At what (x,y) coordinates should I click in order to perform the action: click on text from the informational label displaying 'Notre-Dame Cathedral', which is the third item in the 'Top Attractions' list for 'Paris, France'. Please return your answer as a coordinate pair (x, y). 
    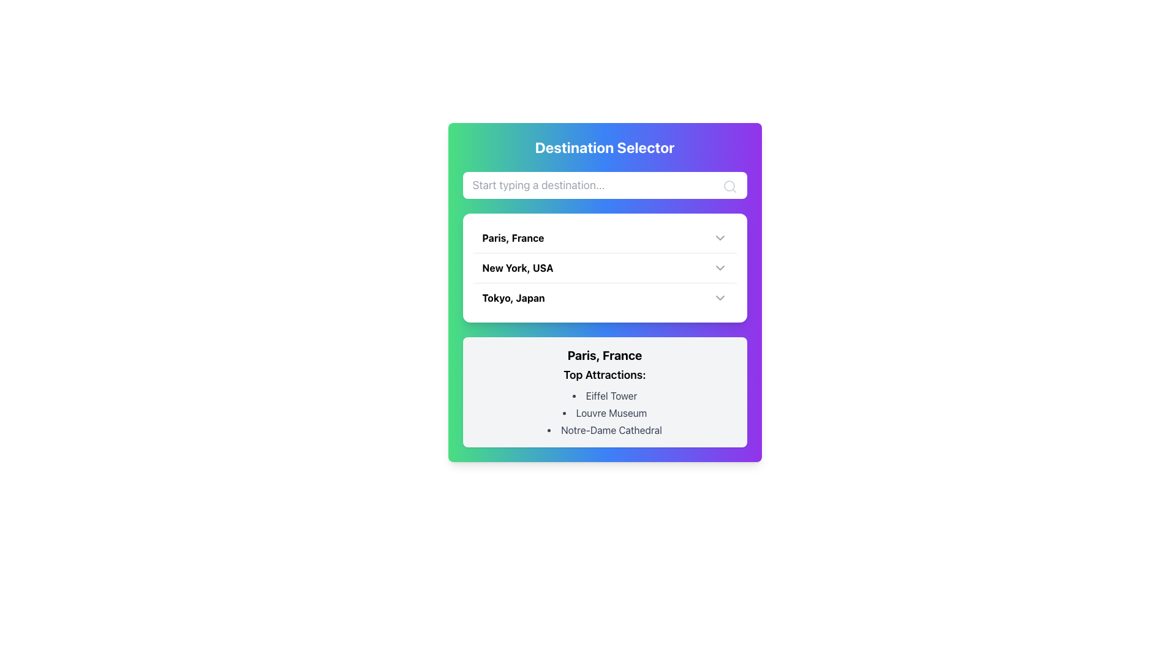
    Looking at the image, I should click on (605, 429).